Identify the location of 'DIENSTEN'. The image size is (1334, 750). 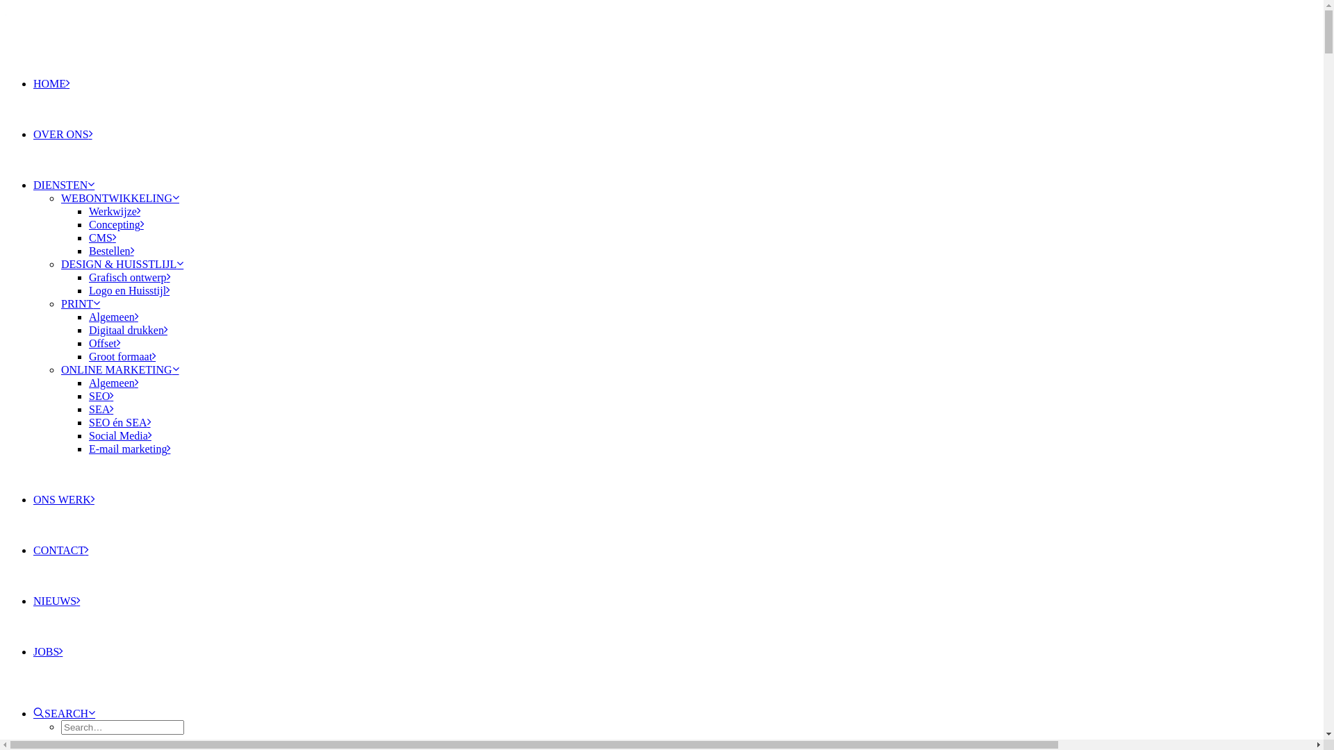
(63, 184).